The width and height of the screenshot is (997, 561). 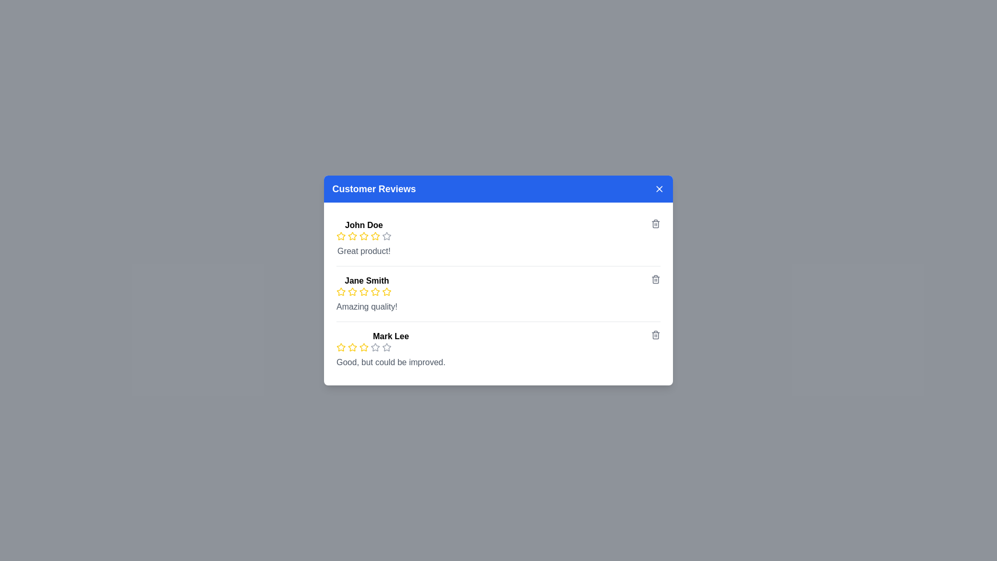 What do you see at coordinates (659, 189) in the screenshot?
I see `close button to close the dialog` at bounding box center [659, 189].